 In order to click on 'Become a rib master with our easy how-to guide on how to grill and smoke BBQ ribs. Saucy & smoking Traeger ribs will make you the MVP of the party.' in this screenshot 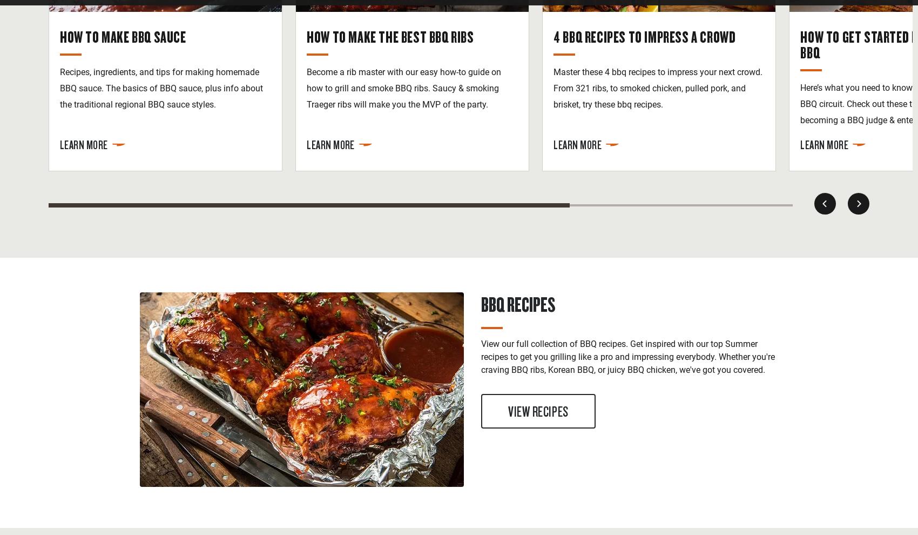, I will do `click(403, 88)`.